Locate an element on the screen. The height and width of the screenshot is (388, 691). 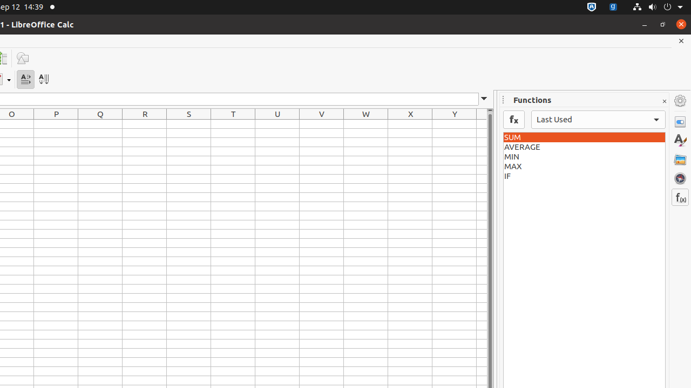
'Navigator' is located at coordinates (680, 177).